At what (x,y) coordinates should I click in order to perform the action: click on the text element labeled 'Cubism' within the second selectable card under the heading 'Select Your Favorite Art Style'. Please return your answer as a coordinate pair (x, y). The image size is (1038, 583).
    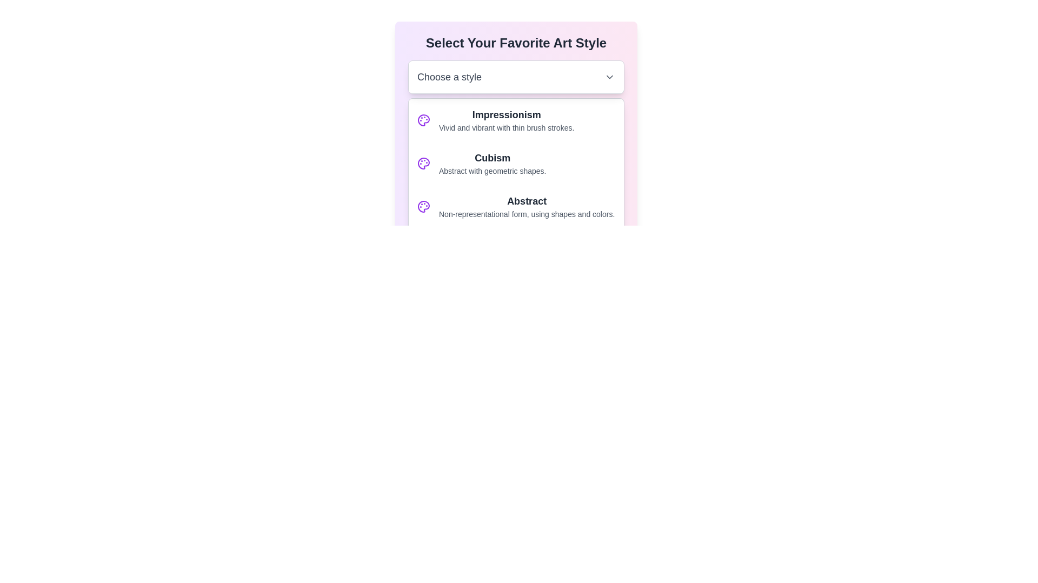
    Looking at the image, I should click on (492, 164).